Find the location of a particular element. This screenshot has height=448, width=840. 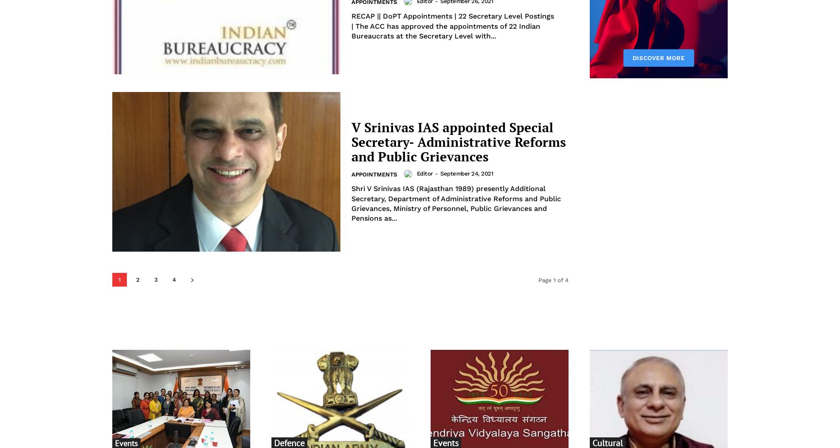

'RECAP || DoPT Appointments | 22 Secretary Level Postings | The ACC has approved the appointments of 22 Indian Bureaucrats at the Secretary Level with...' is located at coordinates (351, 25).